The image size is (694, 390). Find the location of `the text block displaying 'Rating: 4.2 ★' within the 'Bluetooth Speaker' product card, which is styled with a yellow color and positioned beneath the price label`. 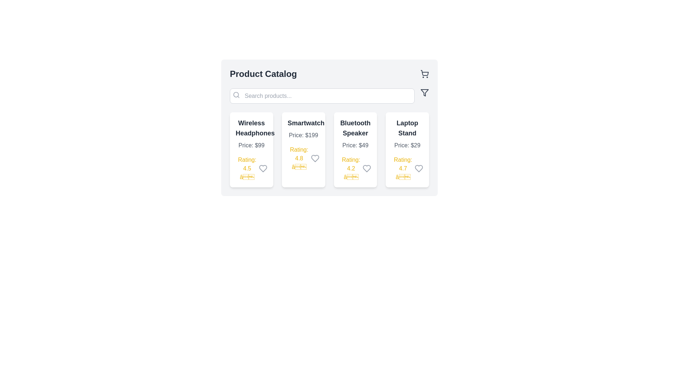

the text block displaying 'Rating: 4.2 ★' within the 'Bluetooth Speaker' product card, which is styled with a yellow color and positioned beneath the price label is located at coordinates (351, 168).